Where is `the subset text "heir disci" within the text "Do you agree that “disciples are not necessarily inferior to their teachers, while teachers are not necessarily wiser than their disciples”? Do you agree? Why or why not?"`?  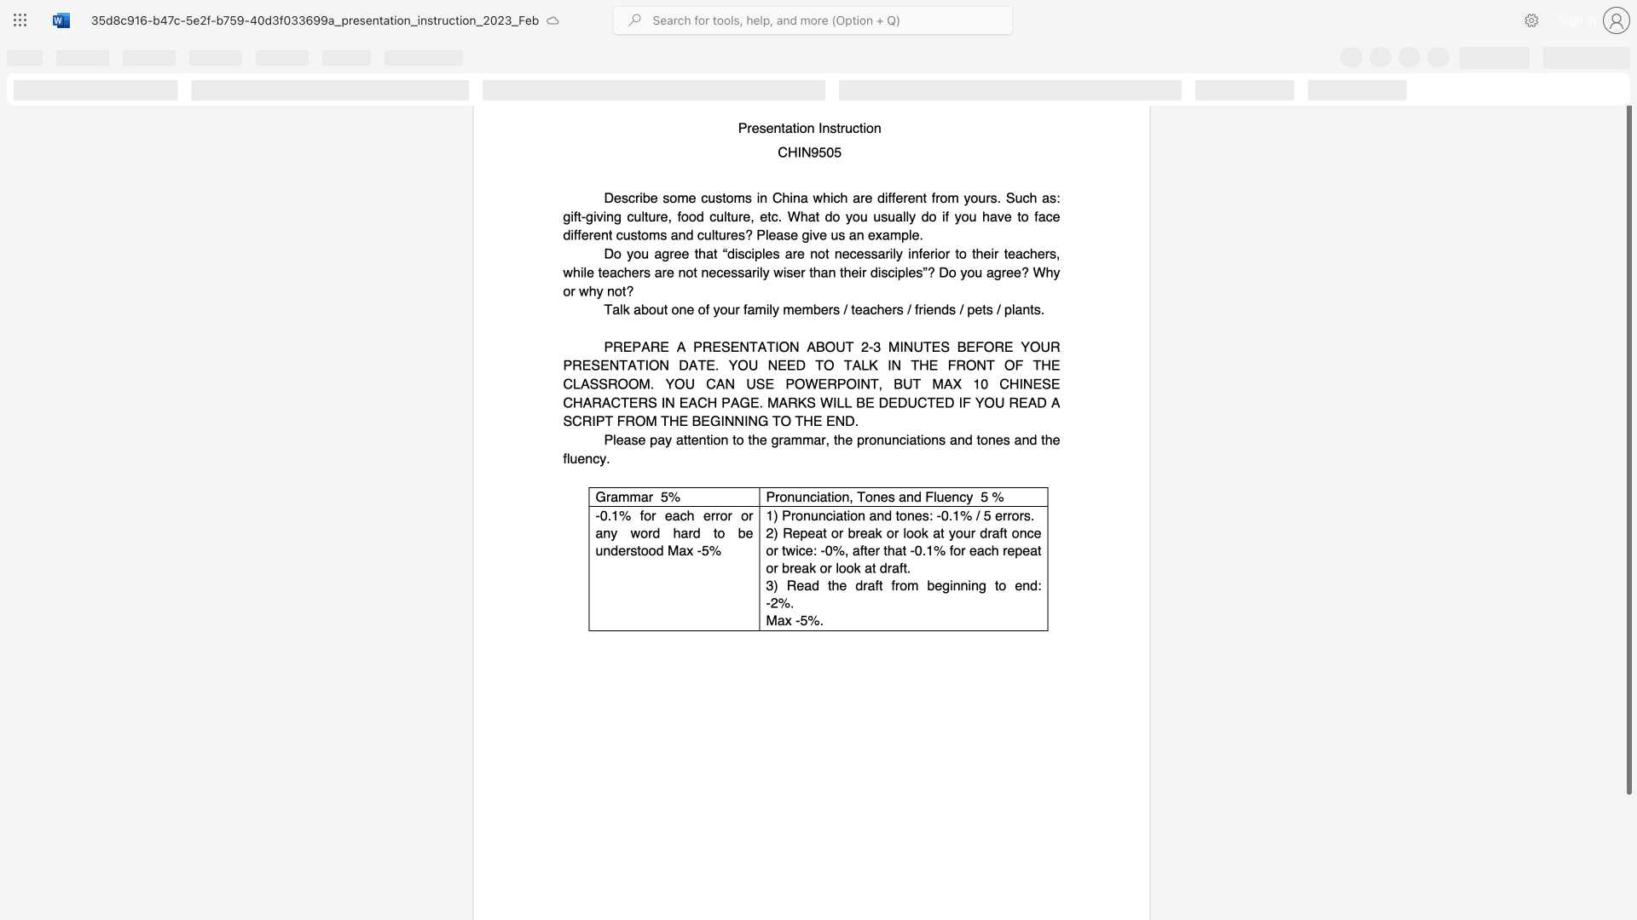 the subset text "heir disci" within the text "Do you agree that “disciples are not necessarily inferior to their teachers, while teachers are not necessarily wiser than their disciples”? Do you agree? Why or why not?" is located at coordinates (843, 271).